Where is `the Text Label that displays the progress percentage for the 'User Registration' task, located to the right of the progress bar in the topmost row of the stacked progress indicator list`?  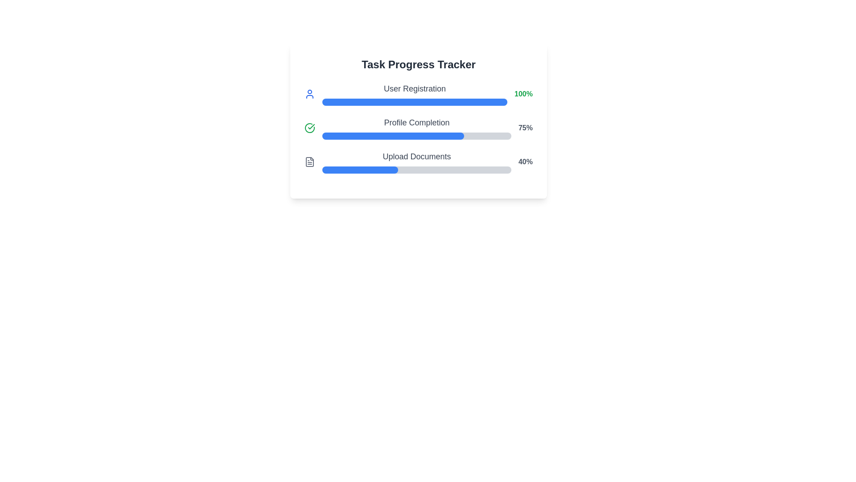 the Text Label that displays the progress percentage for the 'User Registration' task, located to the right of the progress bar in the topmost row of the stacked progress indicator list is located at coordinates (523, 94).